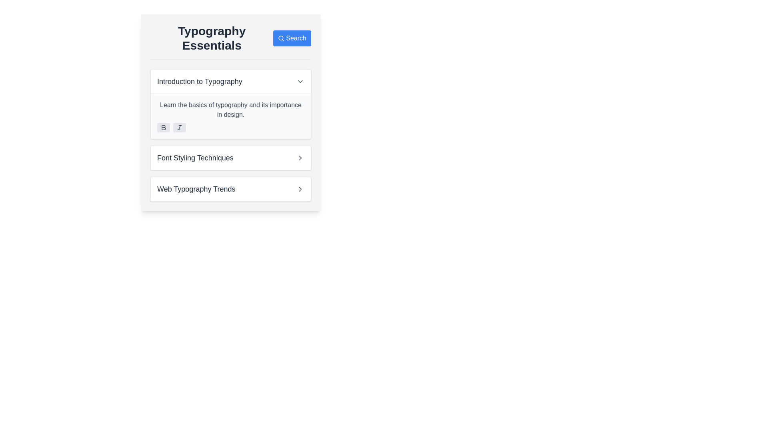 This screenshot has width=768, height=432. Describe the element at coordinates (230, 158) in the screenshot. I see `the selectable list item labeled 'Font Styling Techniques'` at that location.